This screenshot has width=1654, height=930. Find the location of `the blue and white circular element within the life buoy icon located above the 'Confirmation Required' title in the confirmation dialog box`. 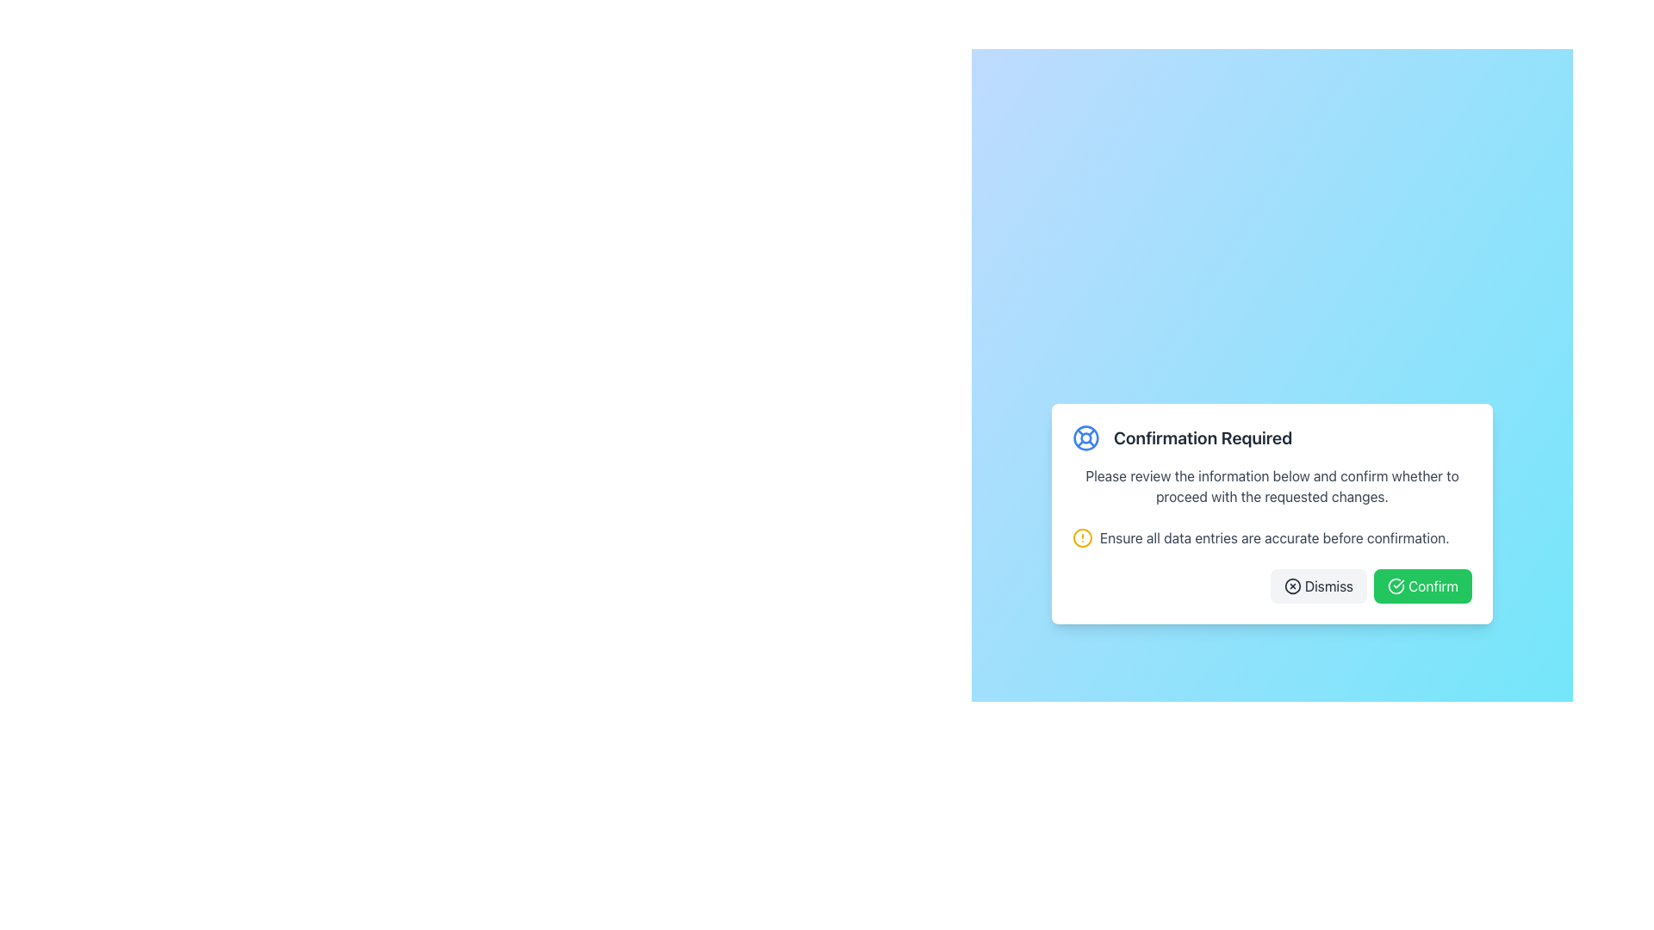

the blue and white circular element within the life buoy icon located above the 'Confirmation Required' title in the confirmation dialog box is located at coordinates (1085, 437).